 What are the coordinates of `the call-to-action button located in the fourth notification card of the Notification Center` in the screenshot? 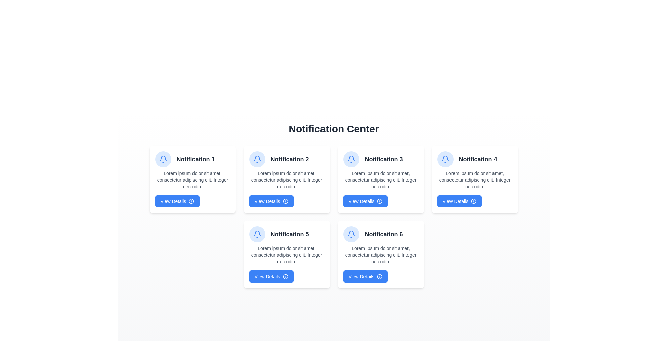 It's located at (459, 201).